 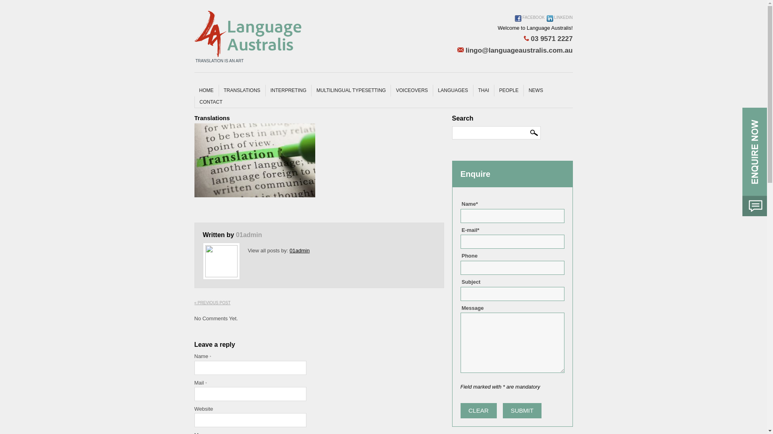 What do you see at coordinates (248, 235) in the screenshot?
I see `'01admin'` at bounding box center [248, 235].